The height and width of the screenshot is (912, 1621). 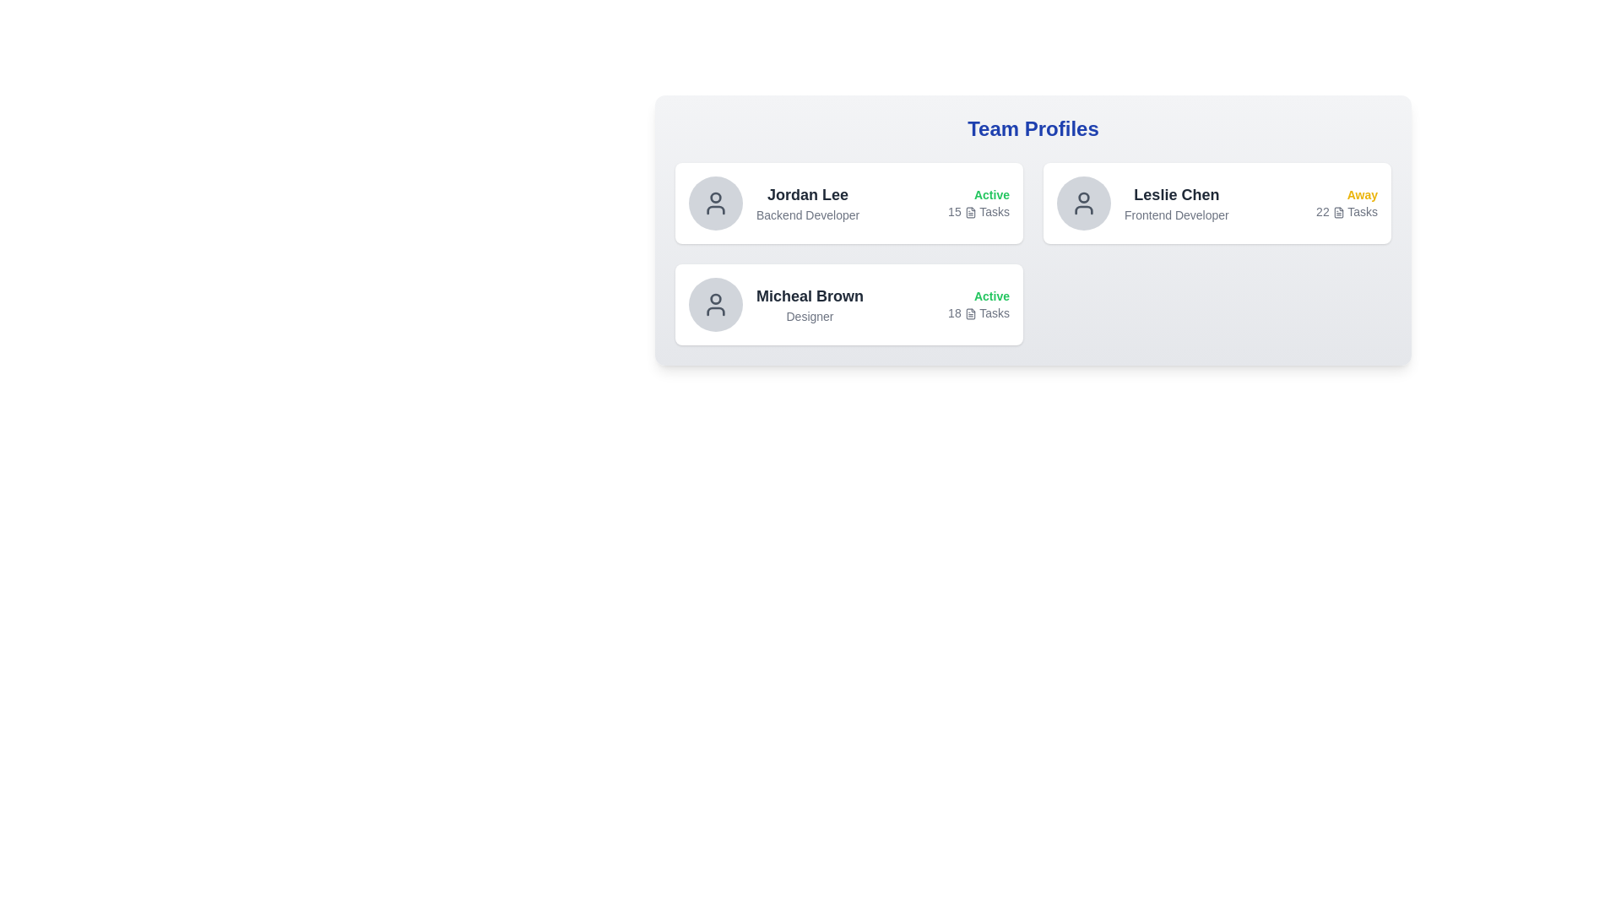 I want to click on the circular icon placeholder or profile picture for 'Leslie Chen', which has a gray background and a user silhouette, located in the 'Team Profiles' section, so click(x=1083, y=202).